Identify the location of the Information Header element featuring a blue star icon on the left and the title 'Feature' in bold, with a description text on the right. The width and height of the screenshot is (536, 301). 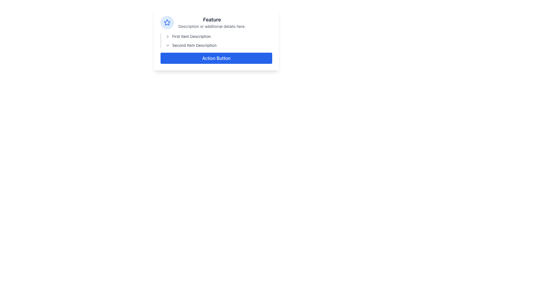
(216, 22).